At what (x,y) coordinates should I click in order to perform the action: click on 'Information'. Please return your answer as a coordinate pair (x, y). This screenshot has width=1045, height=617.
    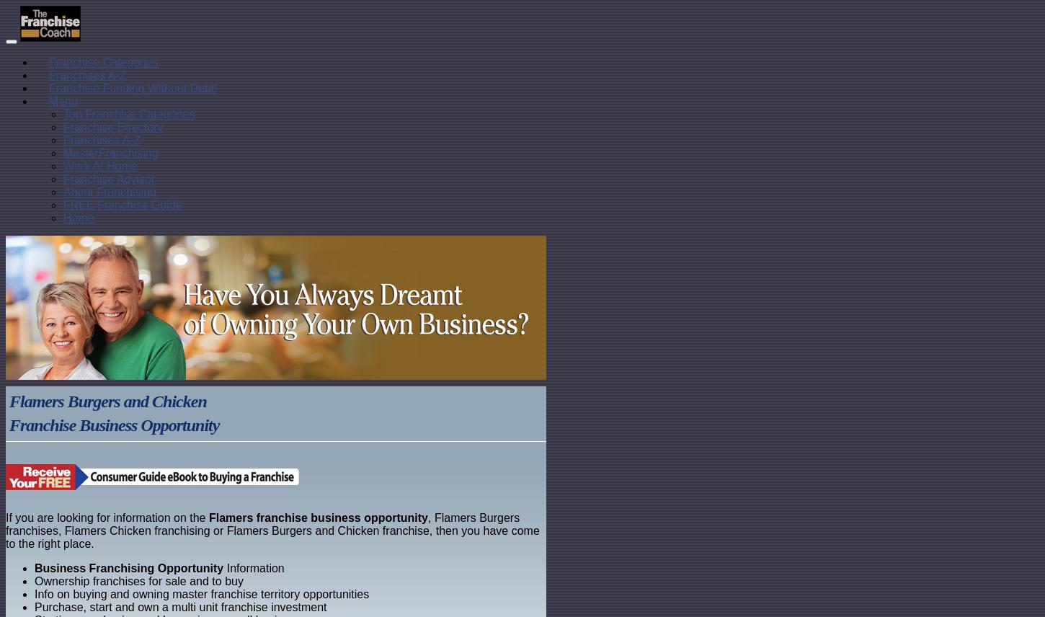
    Looking at the image, I should click on (254, 568).